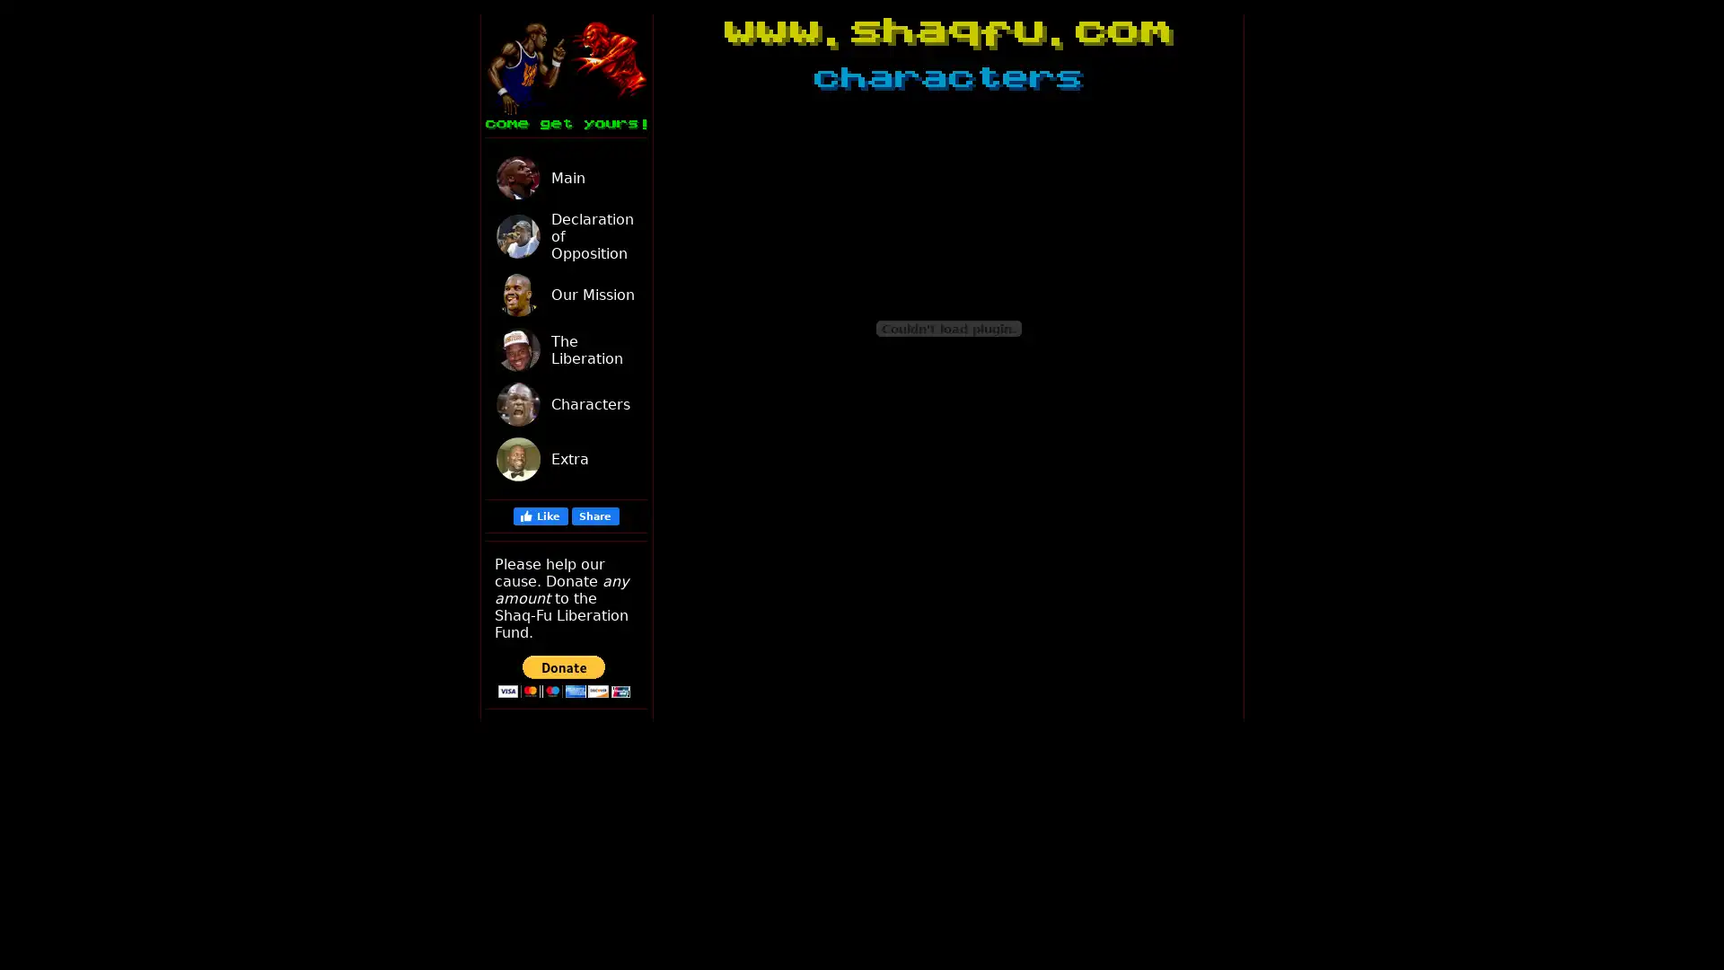 This screenshot has width=1724, height=970. What do you see at coordinates (562, 676) in the screenshot?
I see `PayPal - The safer, easier way to pay online!` at bounding box center [562, 676].